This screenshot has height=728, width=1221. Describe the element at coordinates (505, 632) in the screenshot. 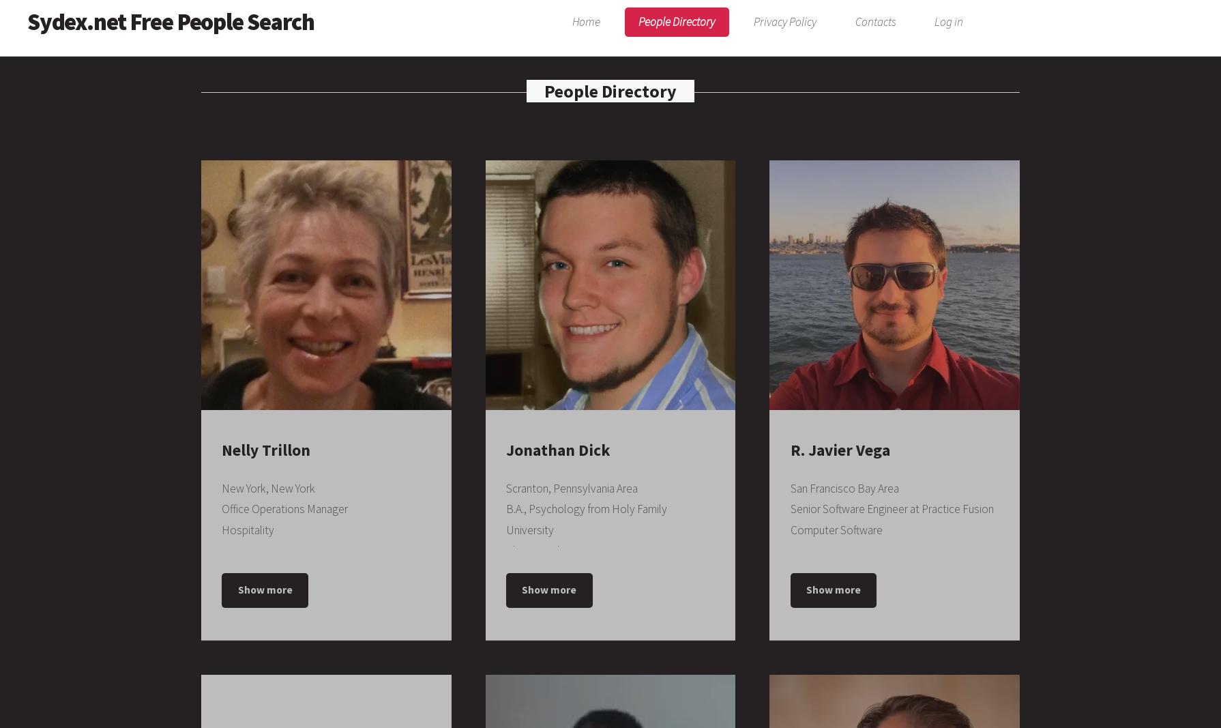

I see `'Psychology'` at that location.